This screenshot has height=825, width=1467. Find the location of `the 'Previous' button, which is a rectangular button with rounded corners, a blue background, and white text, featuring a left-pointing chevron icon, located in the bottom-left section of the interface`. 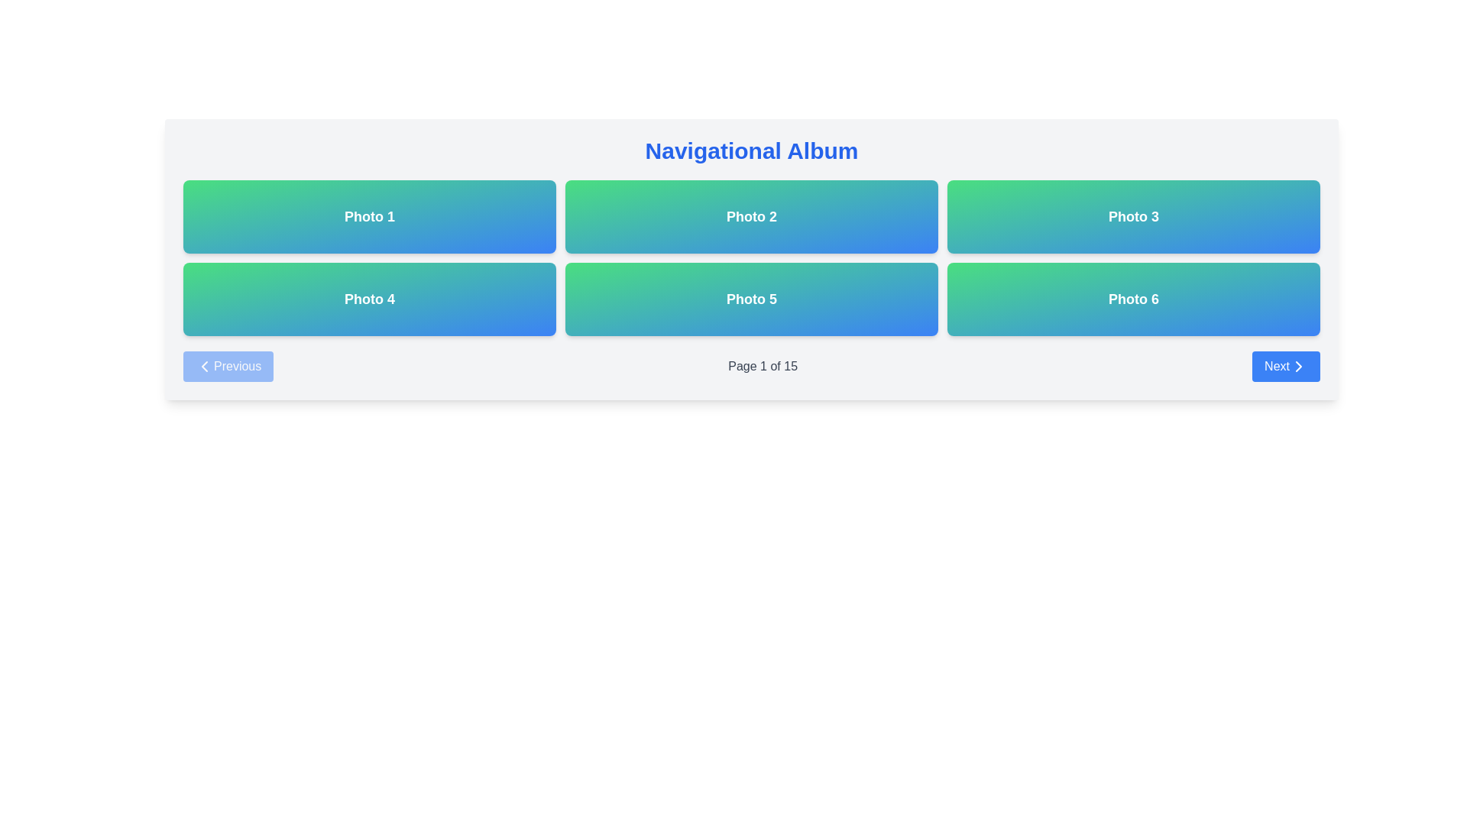

the 'Previous' button, which is a rectangular button with rounded corners, a blue background, and white text, featuring a left-pointing chevron icon, located in the bottom-left section of the interface is located at coordinates (228, 366).